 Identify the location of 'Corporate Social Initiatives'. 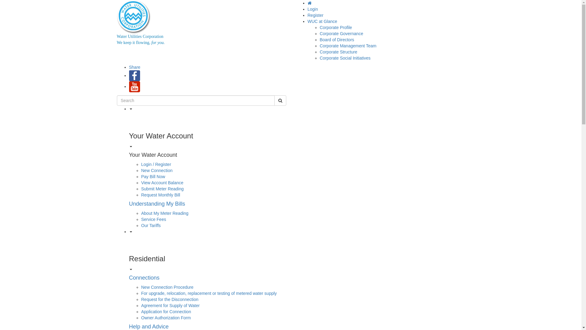
(345, 58).